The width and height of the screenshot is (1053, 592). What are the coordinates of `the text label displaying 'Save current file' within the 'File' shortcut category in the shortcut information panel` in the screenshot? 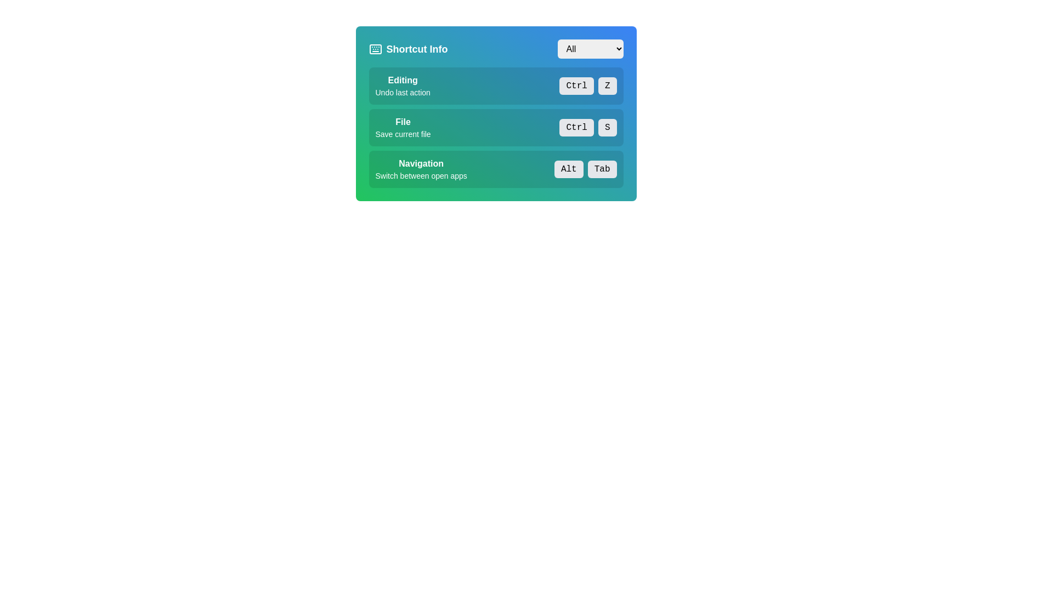 It's located at (403, 134).